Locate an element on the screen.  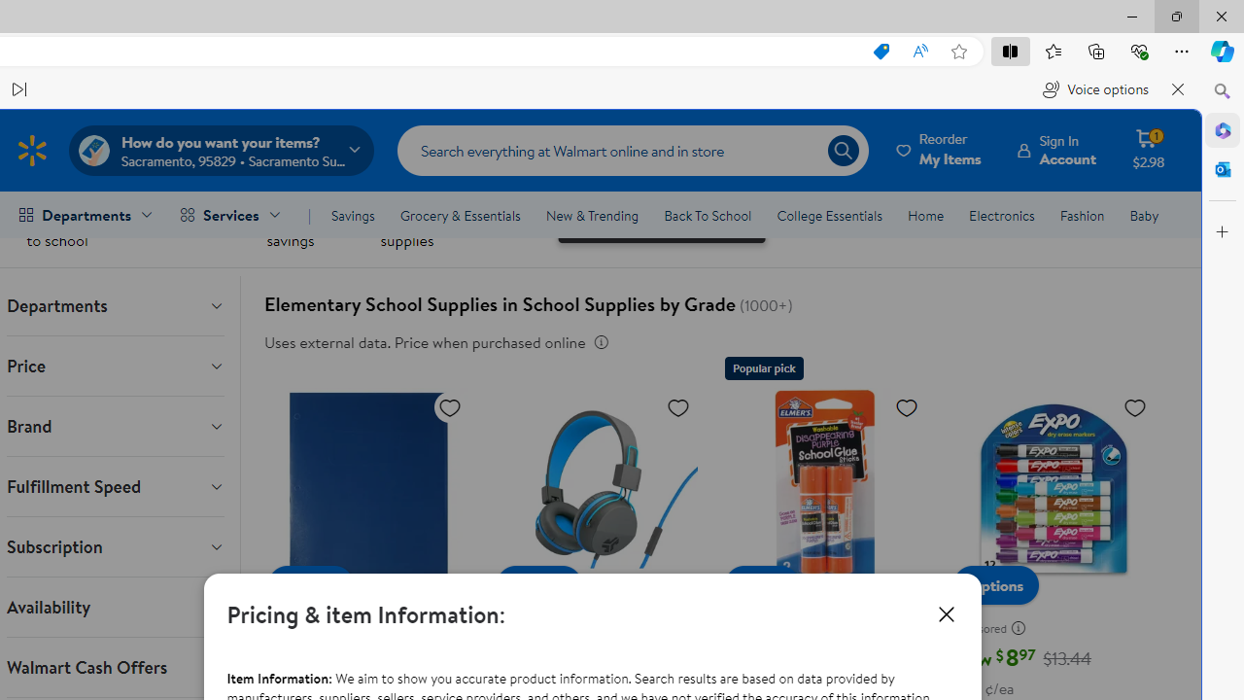
'This site has coupons! Shopping in Microsoft Edge, 7' is located at coordinates (880, 51).